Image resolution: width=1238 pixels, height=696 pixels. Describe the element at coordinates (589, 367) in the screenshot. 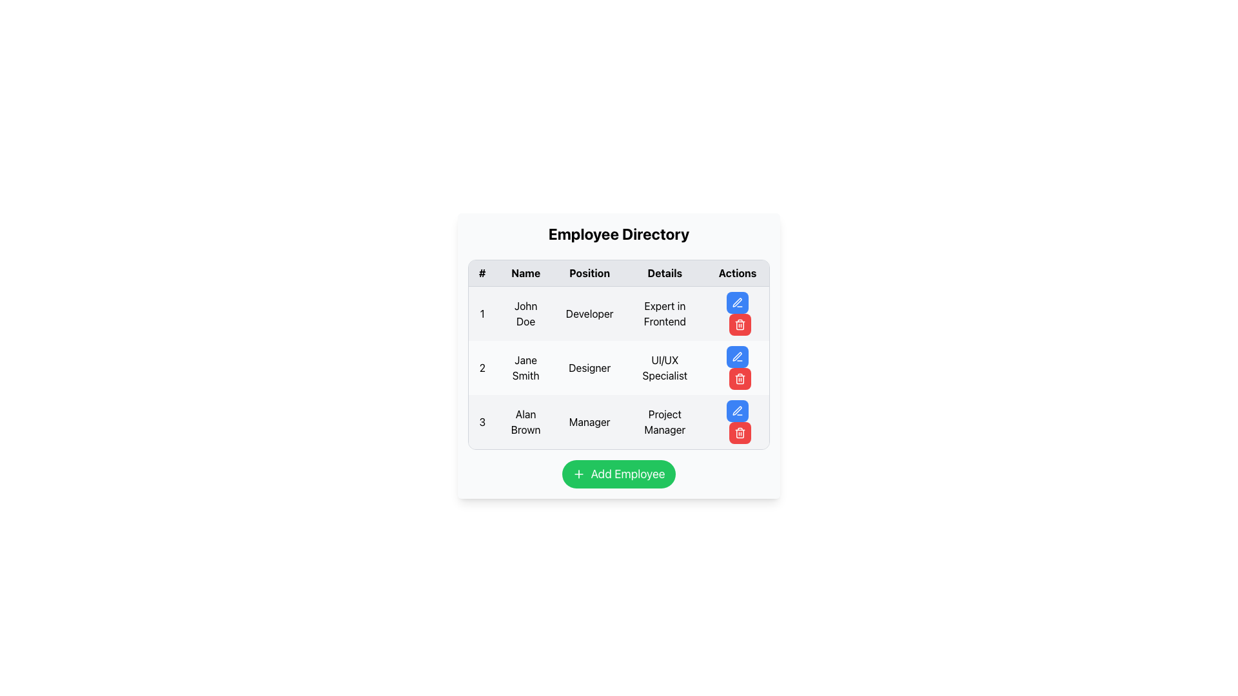

I see `the text value of the 'Designer' text label located in the 'Position' column of the second row of the Employee Directory for 'Jane Smith'` at that location.